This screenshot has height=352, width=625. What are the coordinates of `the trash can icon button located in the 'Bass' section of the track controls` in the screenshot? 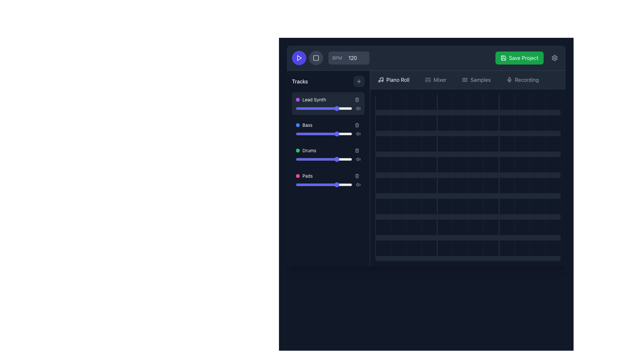 It's located at (357, 125).